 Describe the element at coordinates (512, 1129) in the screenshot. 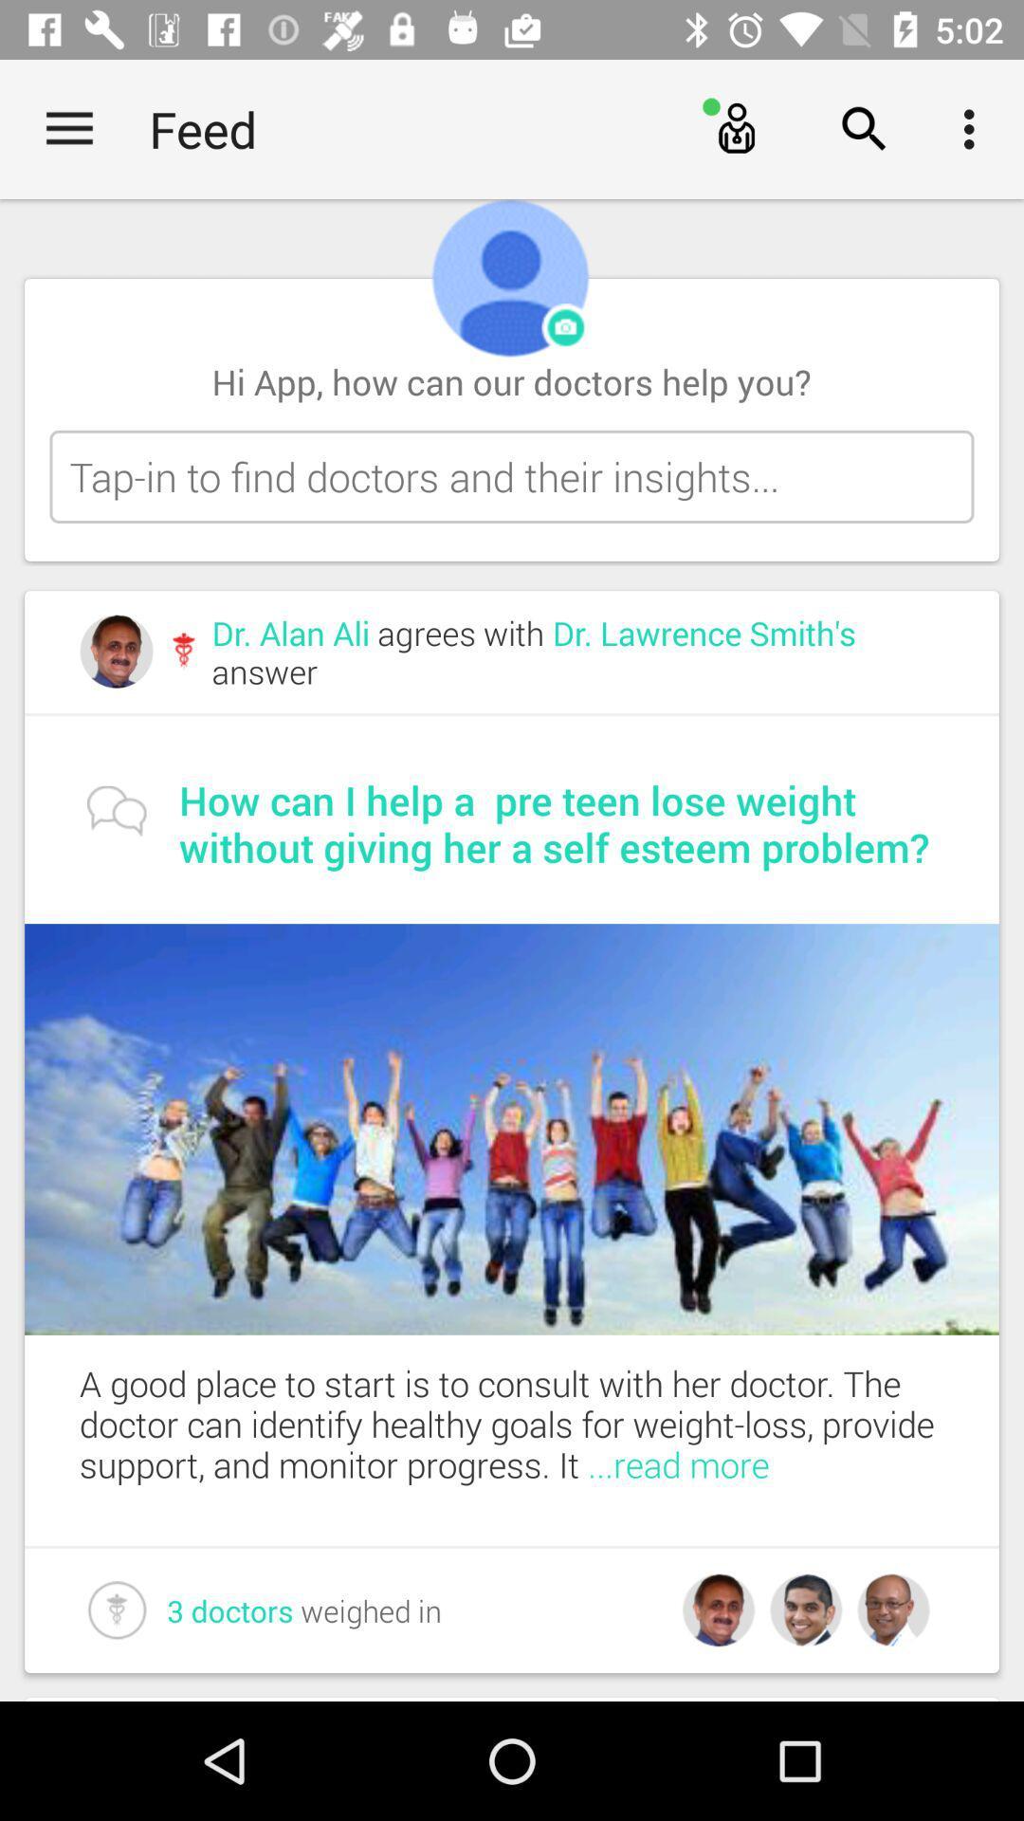

I see `the item below the how can i item` at that location.